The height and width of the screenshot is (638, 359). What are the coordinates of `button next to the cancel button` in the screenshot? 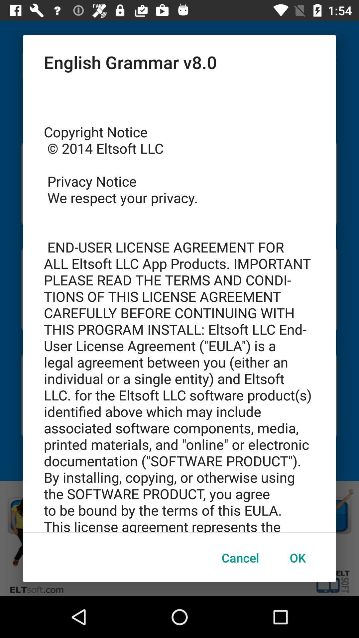 It's located at (297, 558).